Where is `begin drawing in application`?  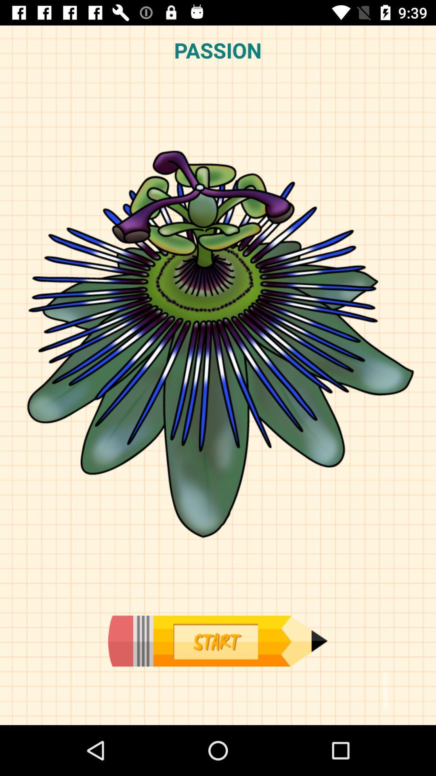 begin drawing in application is located at coordinates (217, 641).